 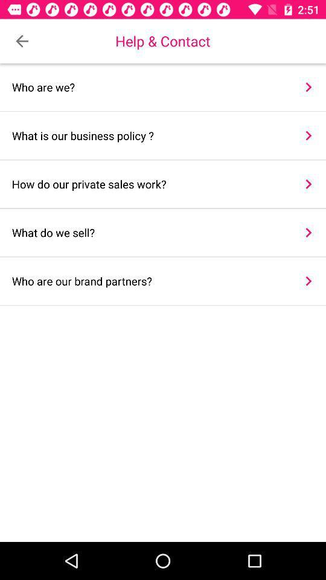 What do you see at coordinates (308, 281) in the screenshot?
I see `item next to the who are our item` at bounding box center [308, 281].